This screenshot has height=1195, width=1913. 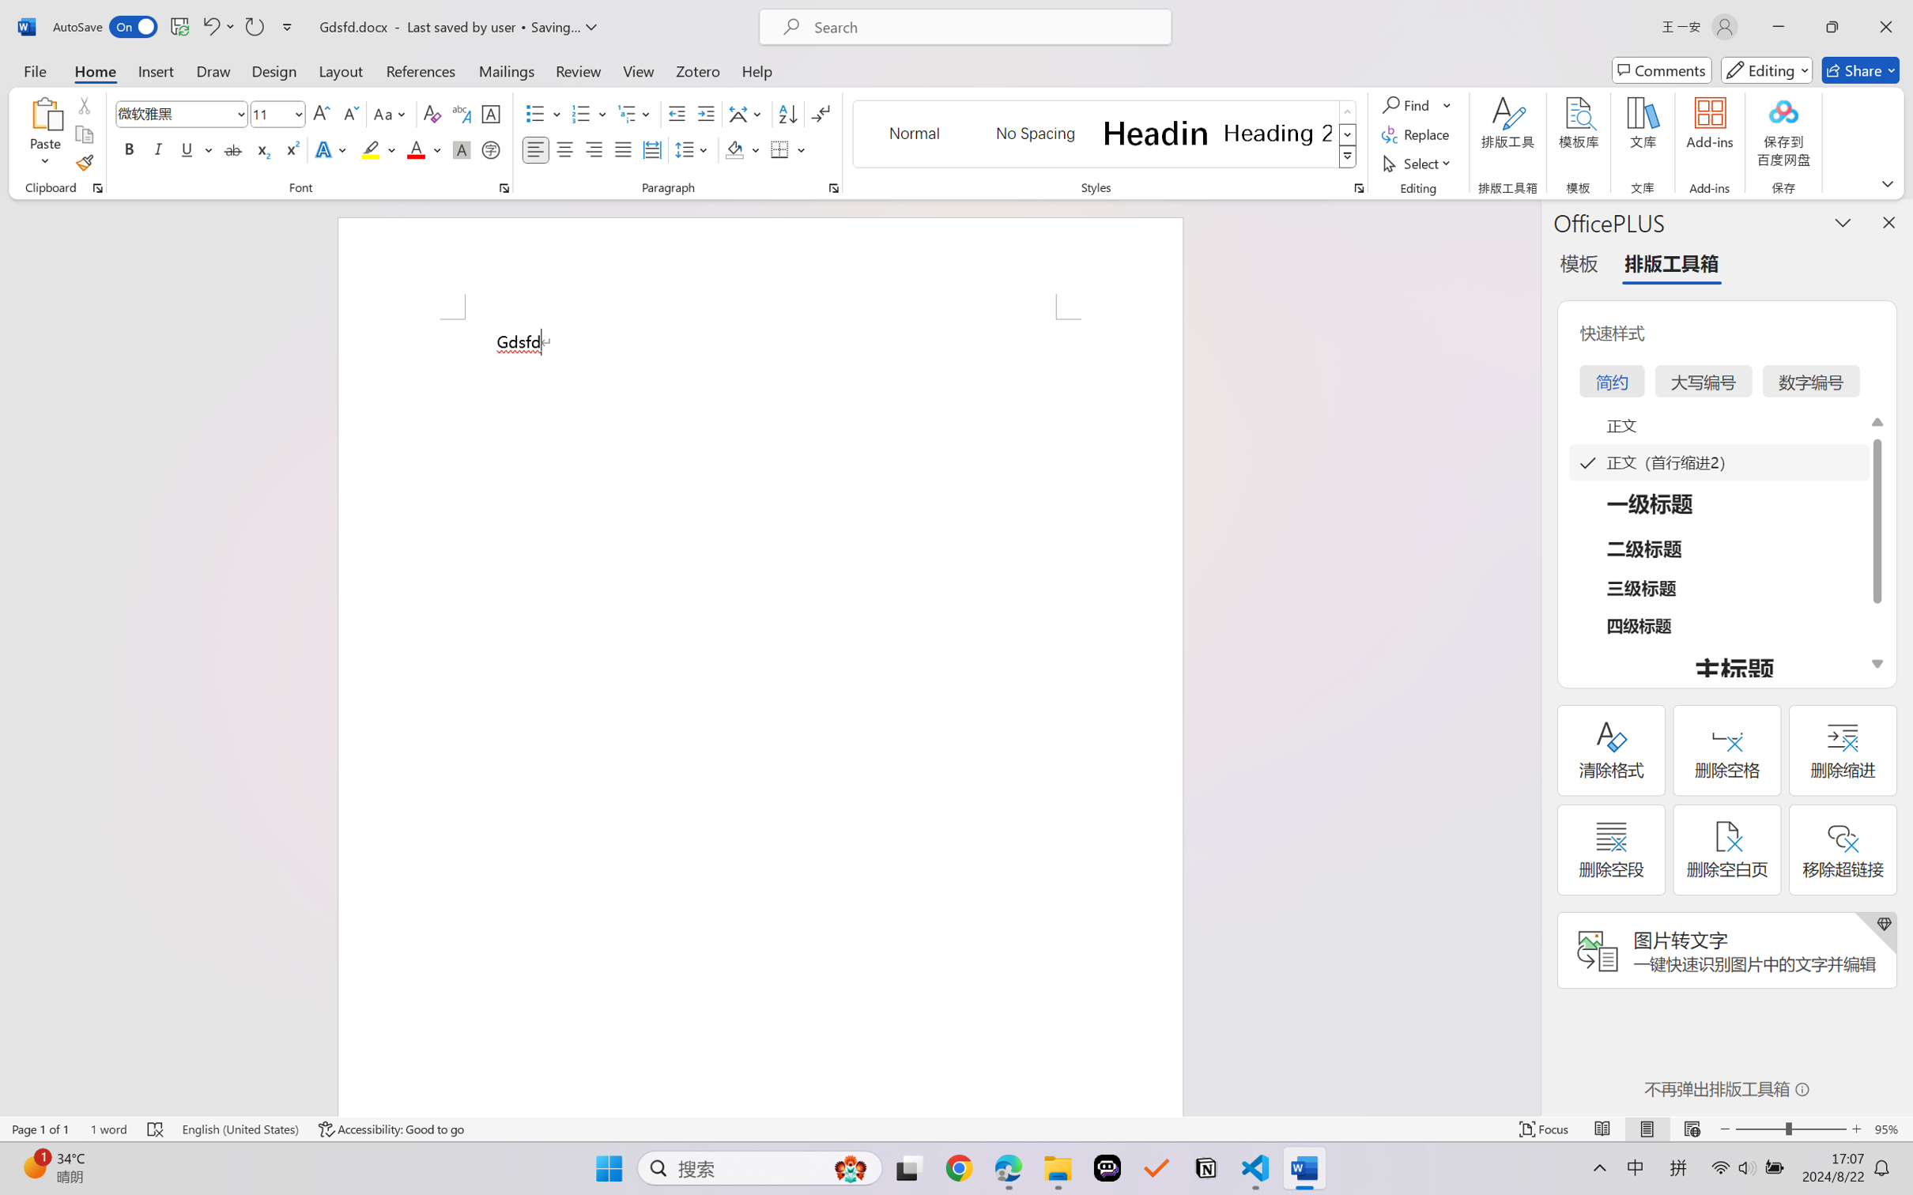 What do you see at coordinates (253, 26) in the screenshot?
I see `'Repeat Style'` at bounding box center [253, 26].